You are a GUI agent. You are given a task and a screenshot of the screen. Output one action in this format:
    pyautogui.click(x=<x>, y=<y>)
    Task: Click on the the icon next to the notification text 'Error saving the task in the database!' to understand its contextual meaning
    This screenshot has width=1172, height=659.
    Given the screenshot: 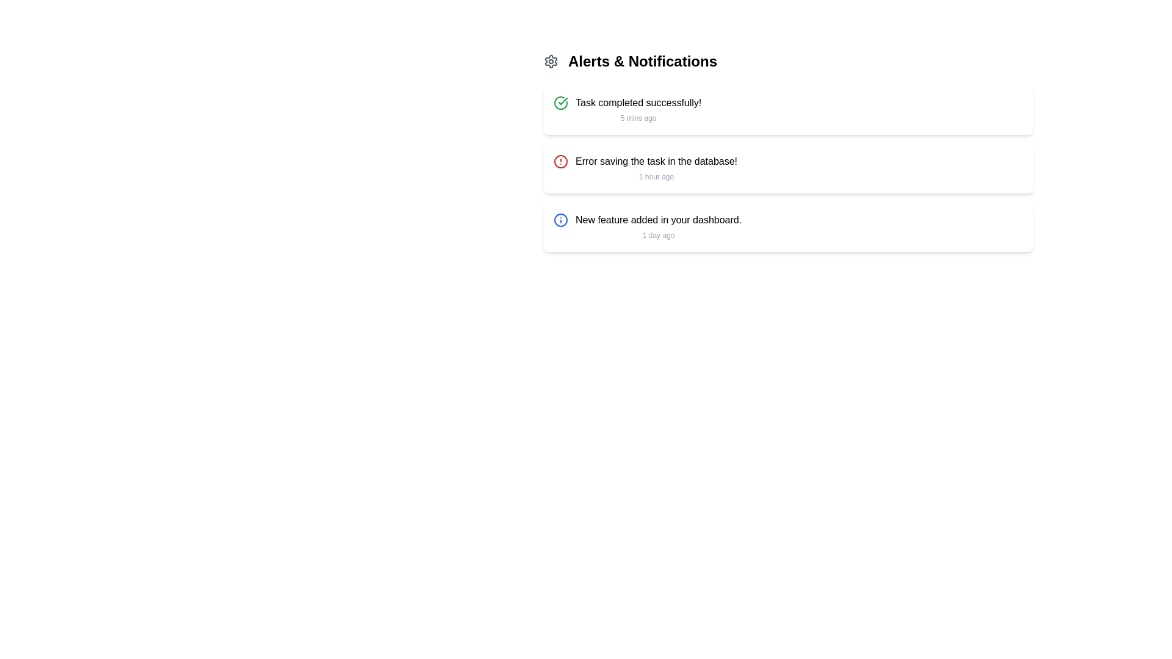 What is the action you would take?
    pyautogui.click(x=560, y=161)
    